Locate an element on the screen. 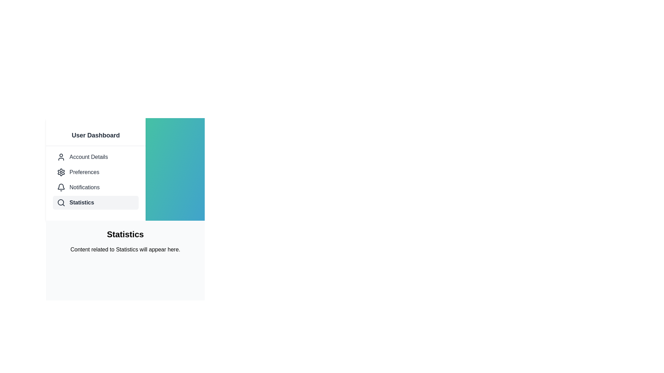 This screenshot has height=373, width=664. the 'Preferences' button-like interactive list item, which features a gear icon and the text 'Preferences', positioned as the second item in the vertical navigation panel is located at coordinates (95, 172).